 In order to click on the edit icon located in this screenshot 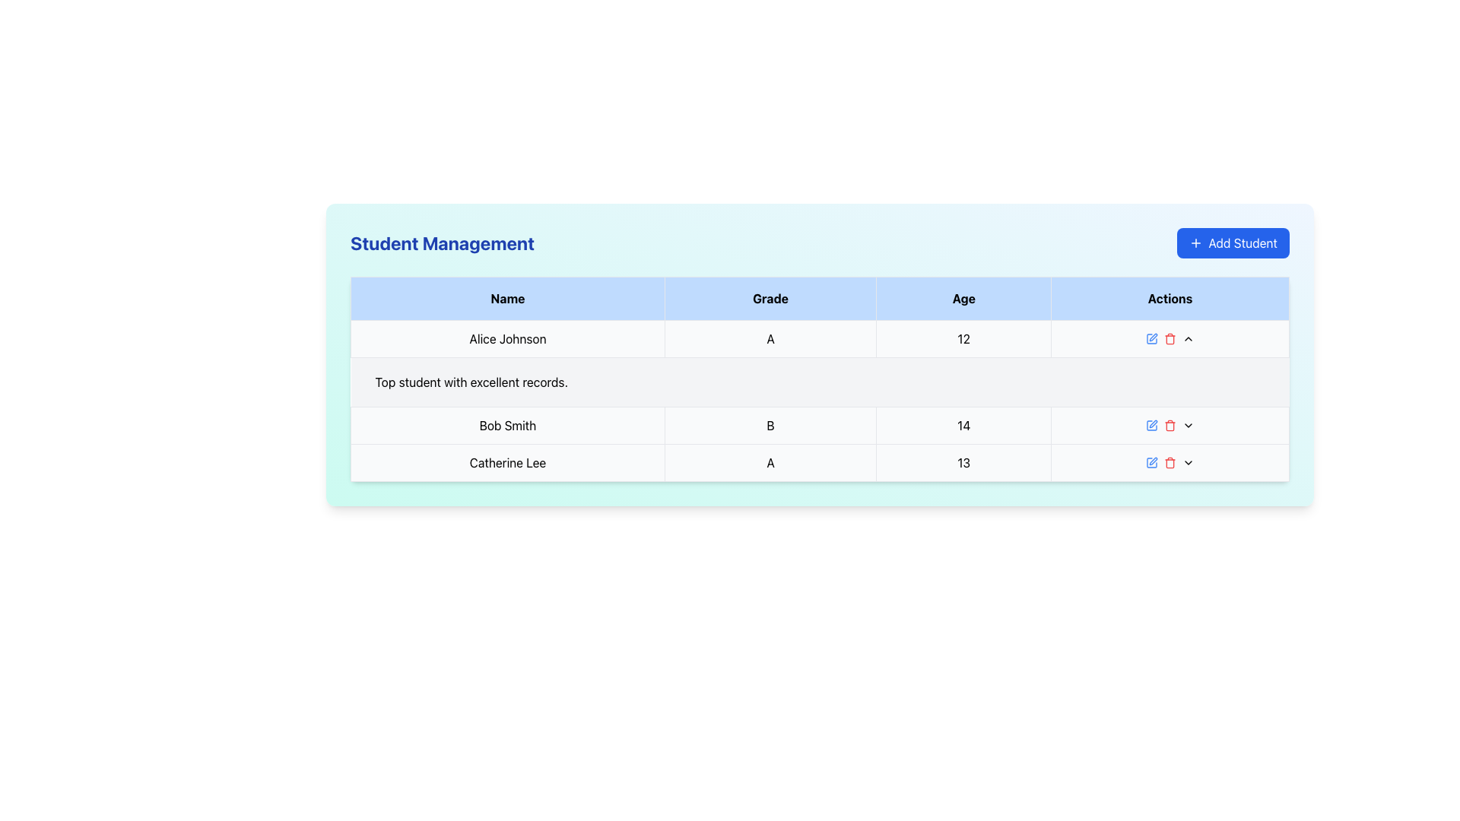, I will do `click(1154, 424)`.